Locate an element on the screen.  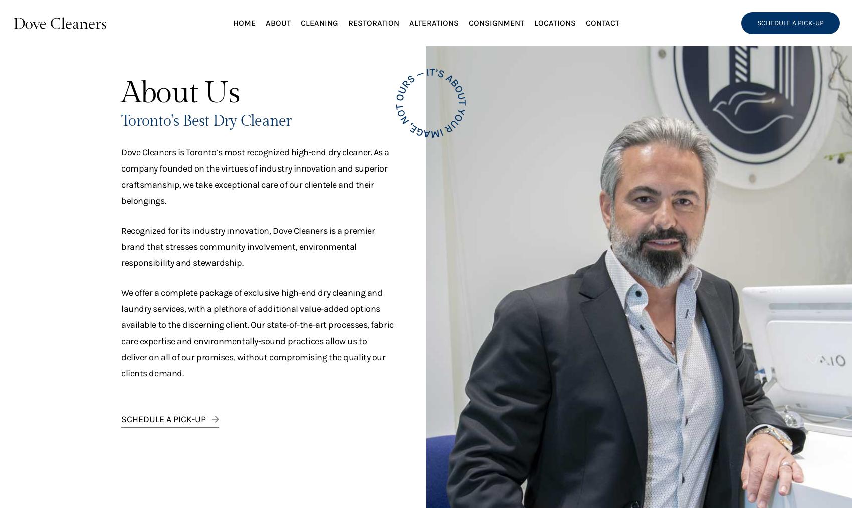
'Locations' is located at coordinates (554, 22).